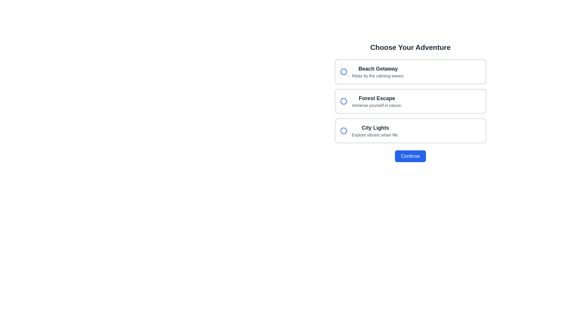 The width and height of the screenshot is (568, 319). What do you see at coordinates (410, 47) in the screenshot?
I see `heading text 'Choose Your Adventure' which is styled with a larger font size and bold weight, centered at the top of the interface` at bounding box center [410, 47].